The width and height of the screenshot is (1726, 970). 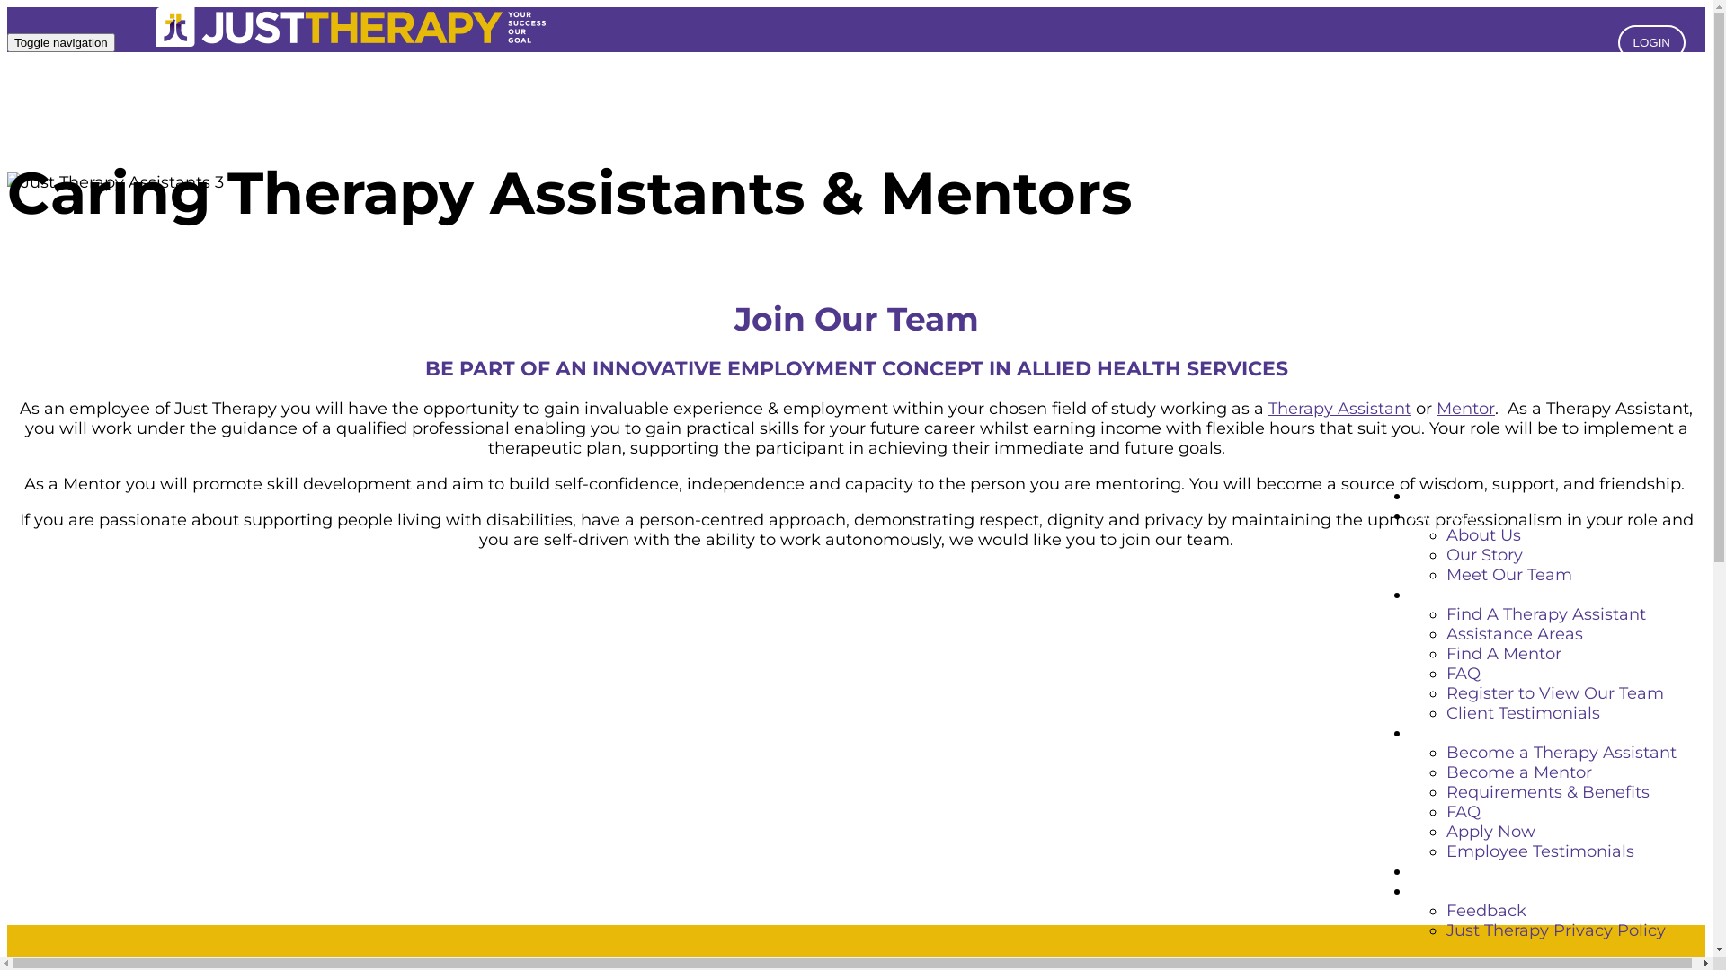 What do you see at coordinates (1490, 831) in the screenshot?
I see `'Apply Now'` at bounding box center [1490, 831].